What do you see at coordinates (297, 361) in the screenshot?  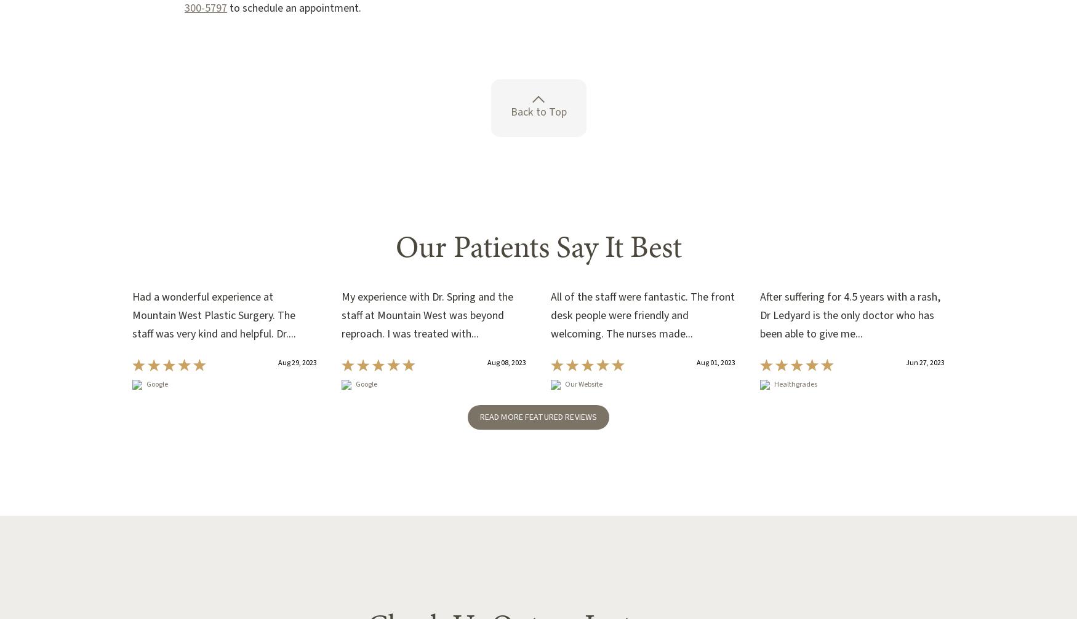 I see `'Aug 29, 2023'` at bounding box center [297, 361].